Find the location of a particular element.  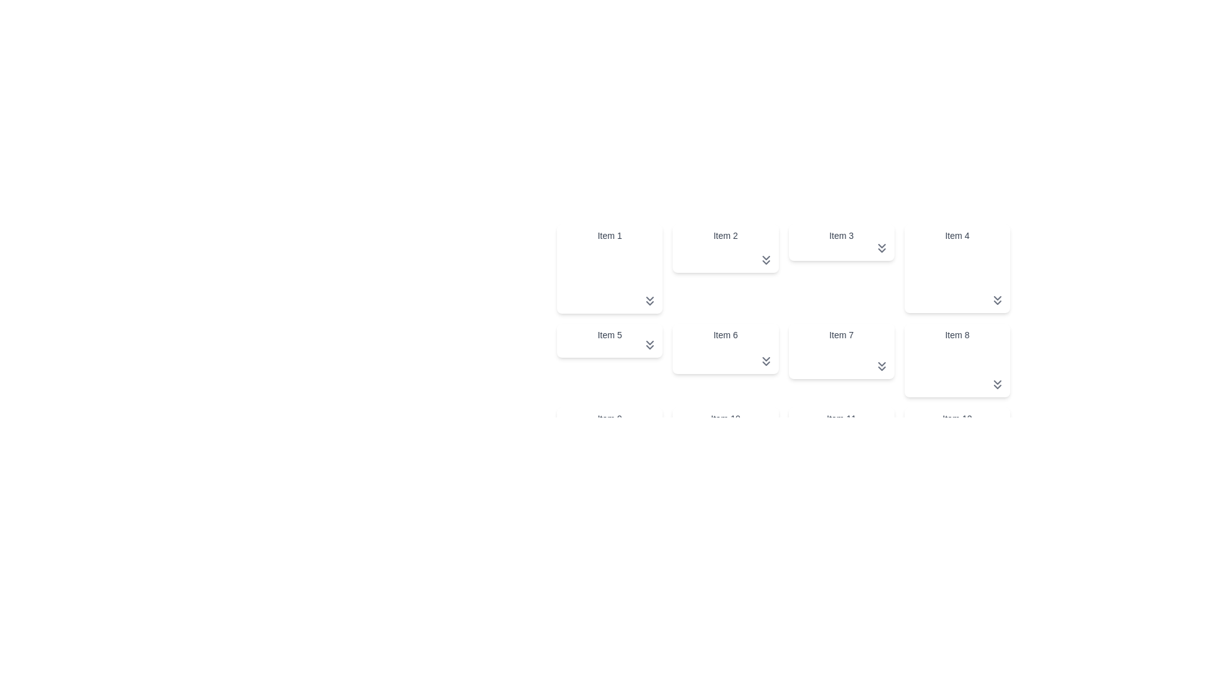

the interactive card labeled 'Item 2' in the grid is located at coordinates (725, 248).